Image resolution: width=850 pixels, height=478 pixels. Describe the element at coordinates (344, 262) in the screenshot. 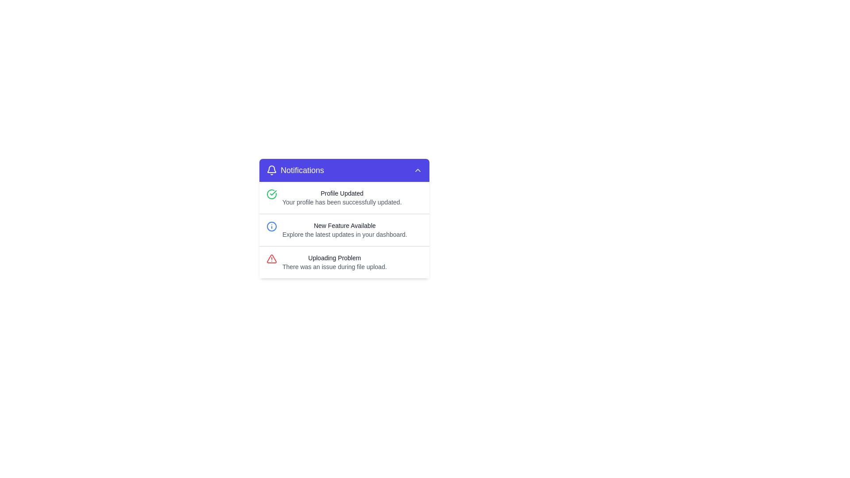

I see `notification message titled 'Uploading Problem' with a red warning icon, located at the bottom of the notification list` at that location.